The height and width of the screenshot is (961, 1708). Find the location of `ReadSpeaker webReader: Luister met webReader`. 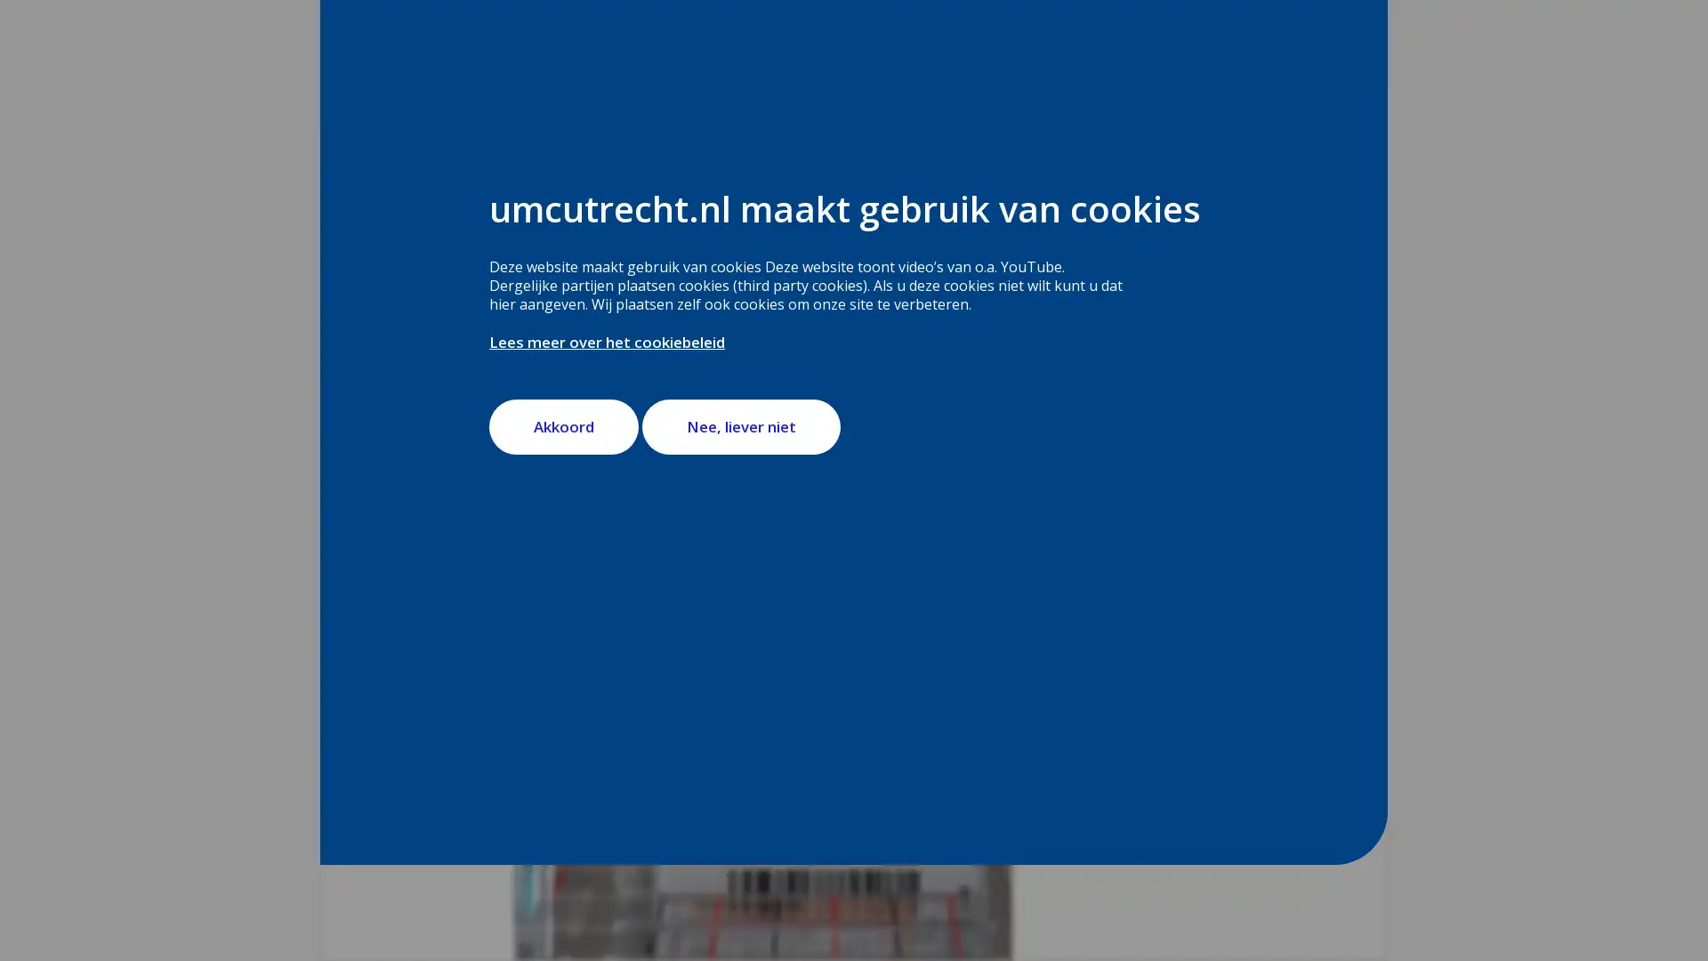

ReadSpeaker webReader: Luister met webReader is located at coordinates (592, 232).